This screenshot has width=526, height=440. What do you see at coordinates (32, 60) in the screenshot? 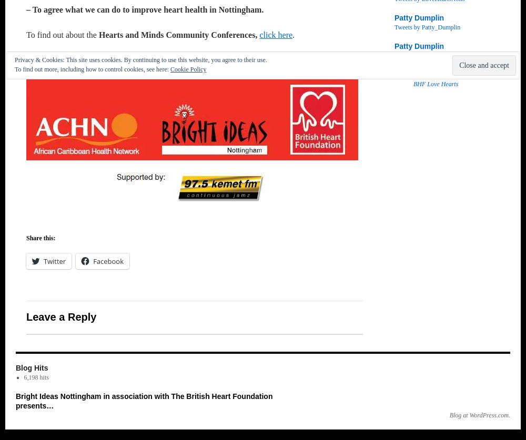
I see `'Or'` at bounding box center [32, 60].